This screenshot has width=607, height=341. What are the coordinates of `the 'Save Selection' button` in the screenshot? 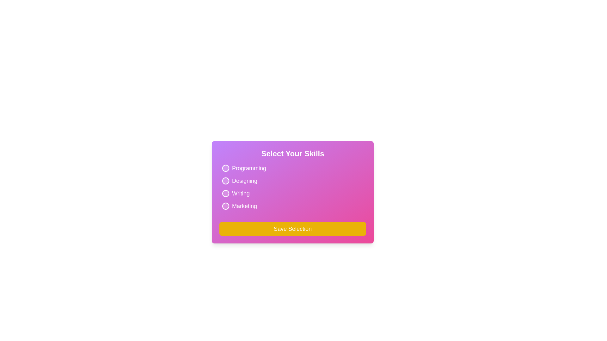 It's located at (292, 229).